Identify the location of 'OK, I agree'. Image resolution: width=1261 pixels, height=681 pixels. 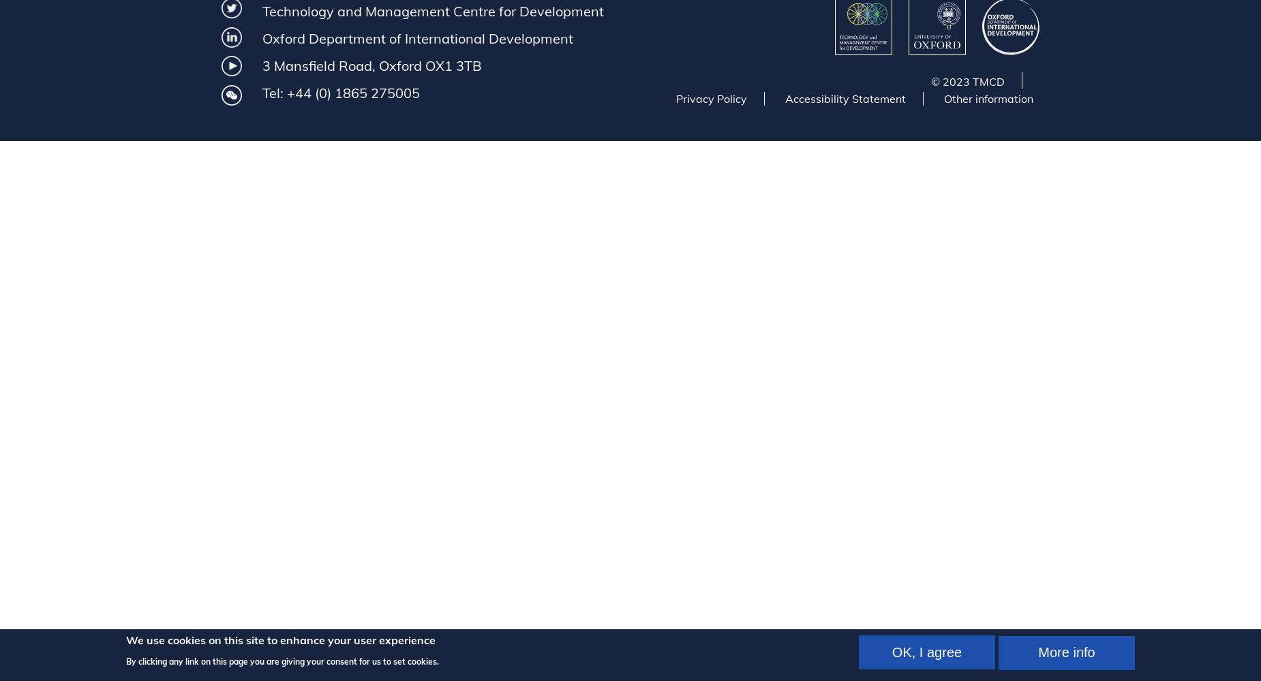
(926, 651).